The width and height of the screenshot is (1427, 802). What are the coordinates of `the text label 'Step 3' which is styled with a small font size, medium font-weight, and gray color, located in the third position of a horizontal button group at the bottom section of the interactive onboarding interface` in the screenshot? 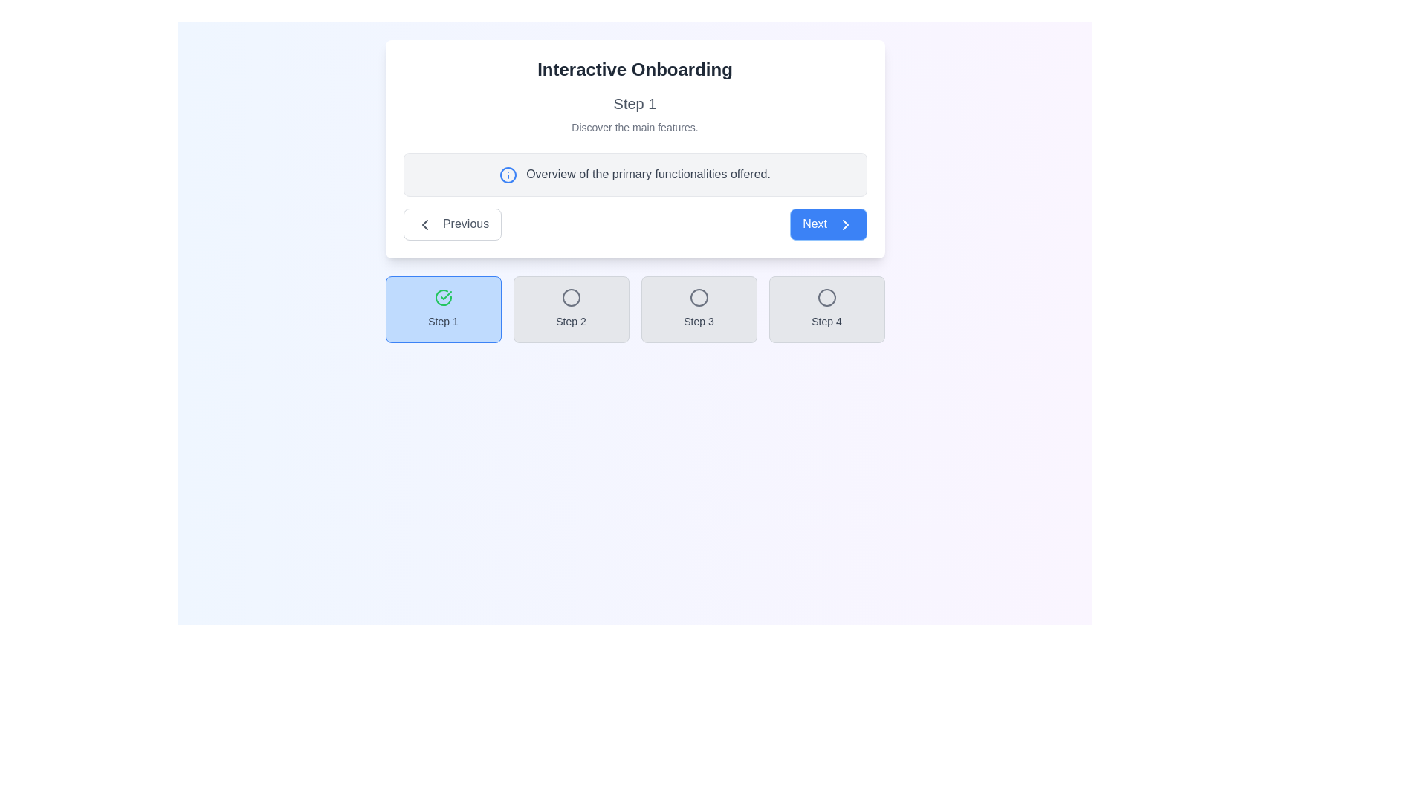 It's located at (698, 320).